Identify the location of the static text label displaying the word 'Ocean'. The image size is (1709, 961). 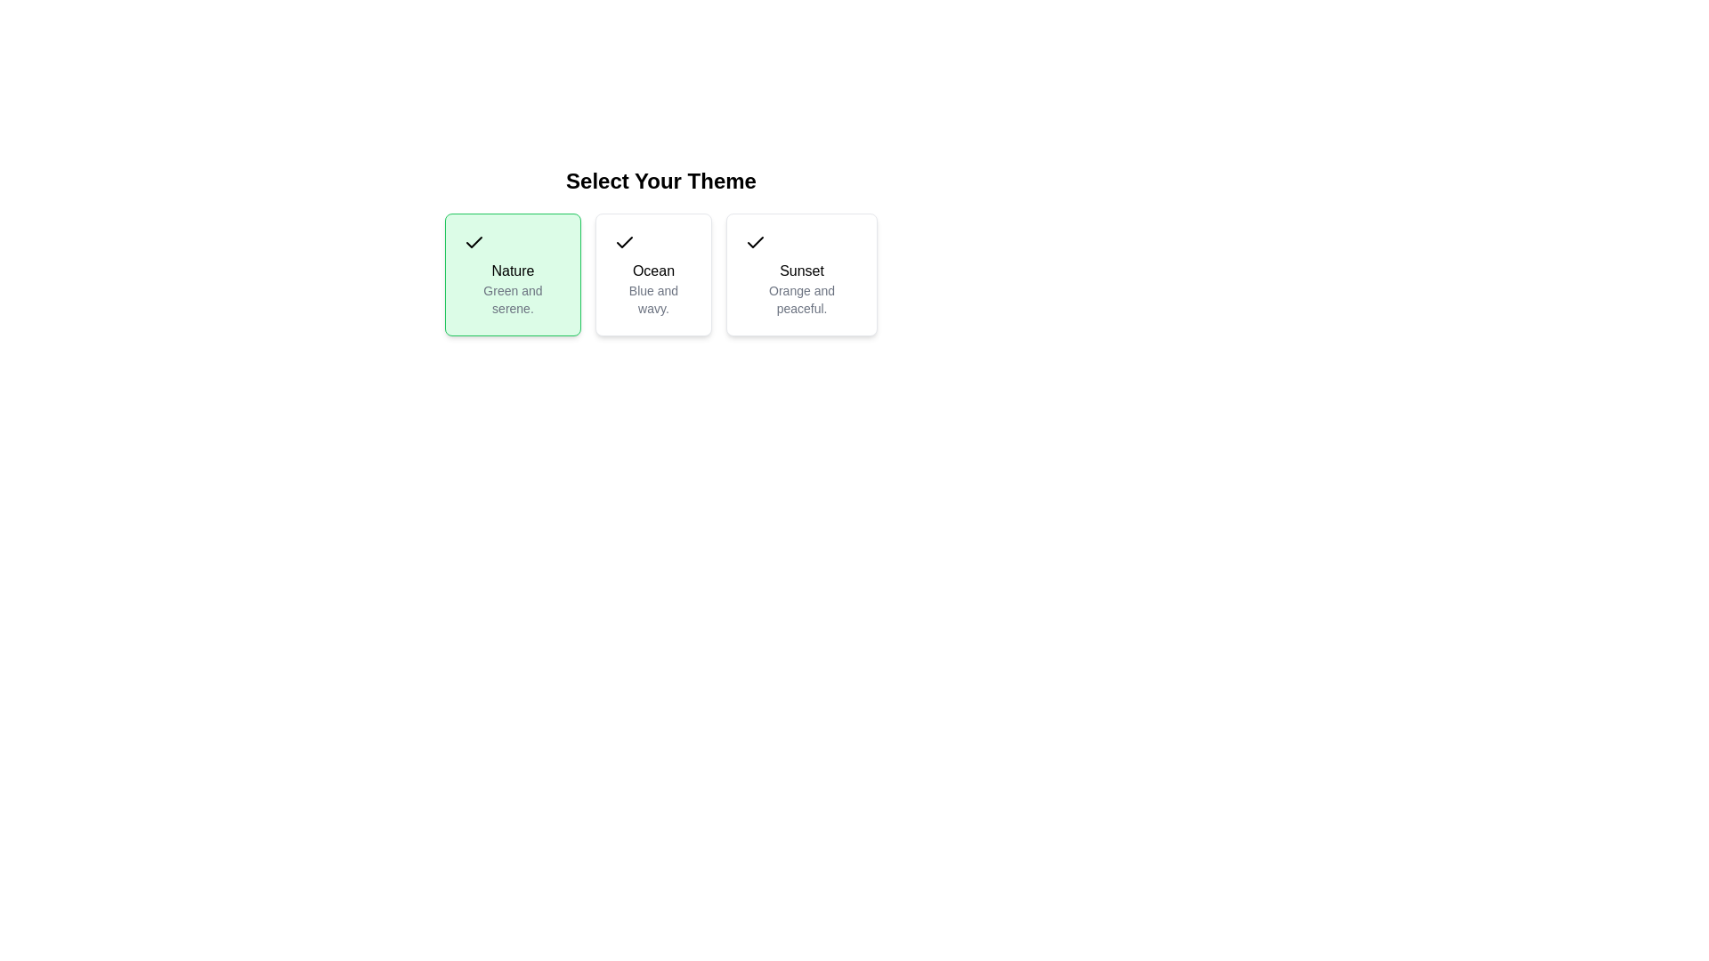
(652, 271).